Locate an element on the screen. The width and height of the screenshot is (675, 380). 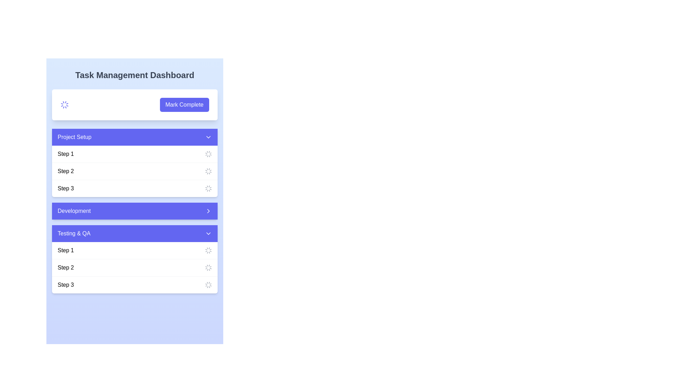
the spinning gray loader icon animation located to the right of the 'Step 2' label in the Project Setup section of the Task Management Dashboard is located at coordinates (208, 171).